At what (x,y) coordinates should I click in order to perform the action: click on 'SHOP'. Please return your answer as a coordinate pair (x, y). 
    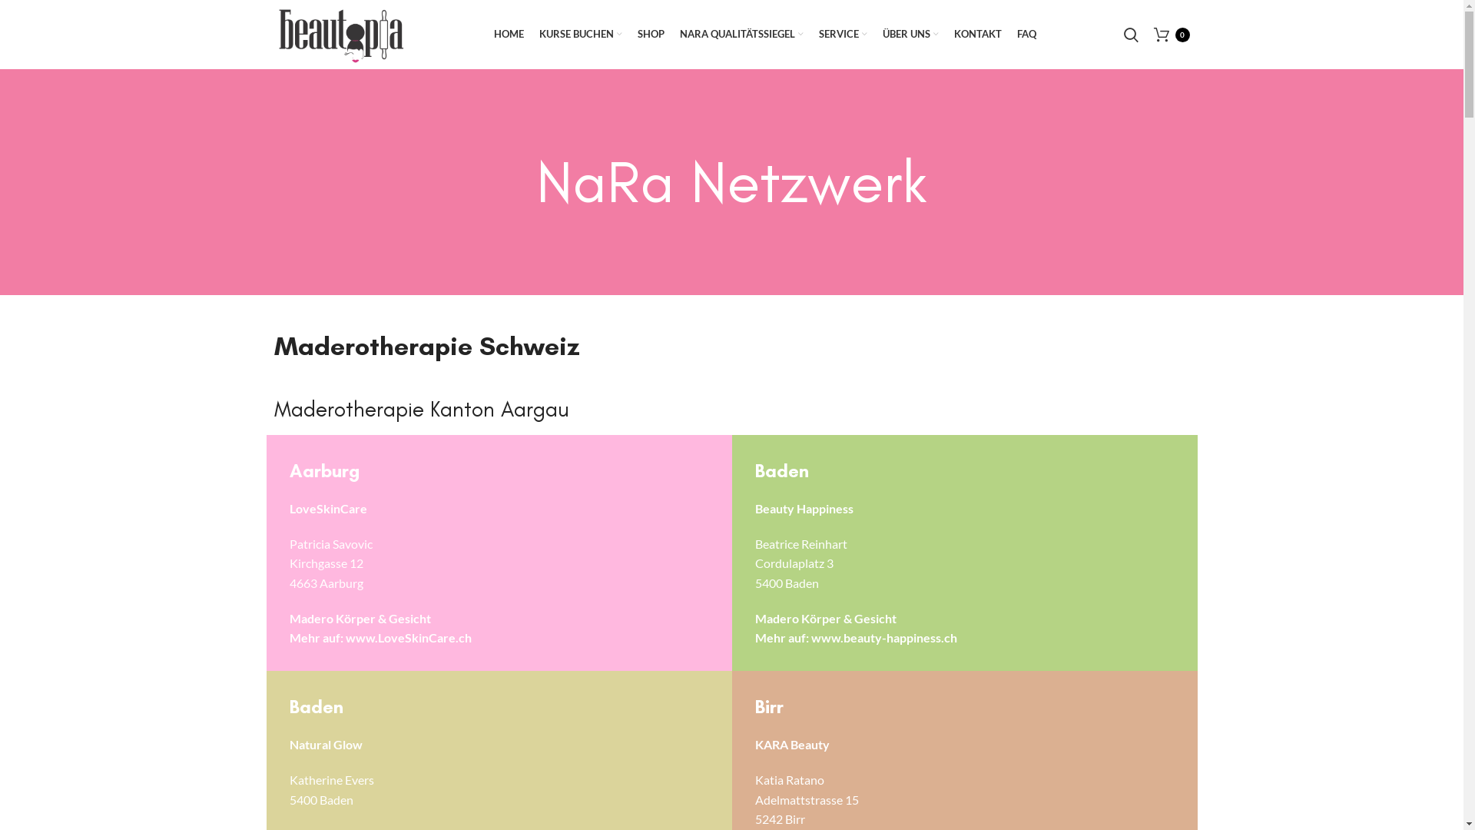
    Looking at the image, I should click on (630, 35).